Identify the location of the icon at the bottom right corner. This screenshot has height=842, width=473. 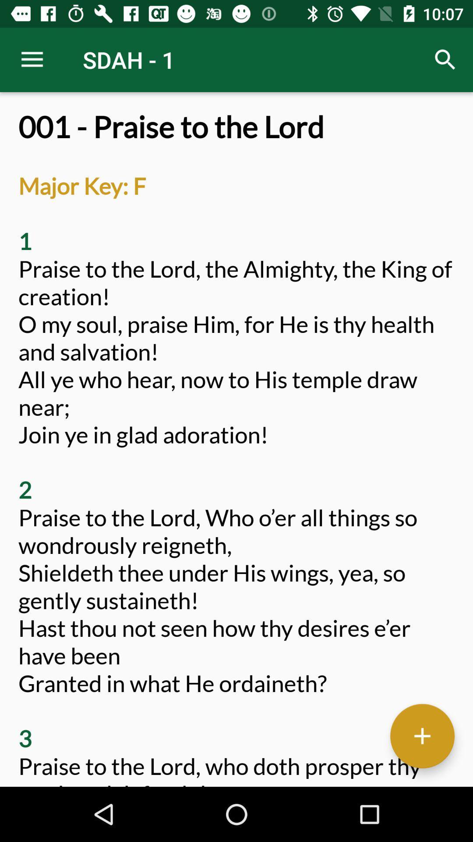
(422, 736).